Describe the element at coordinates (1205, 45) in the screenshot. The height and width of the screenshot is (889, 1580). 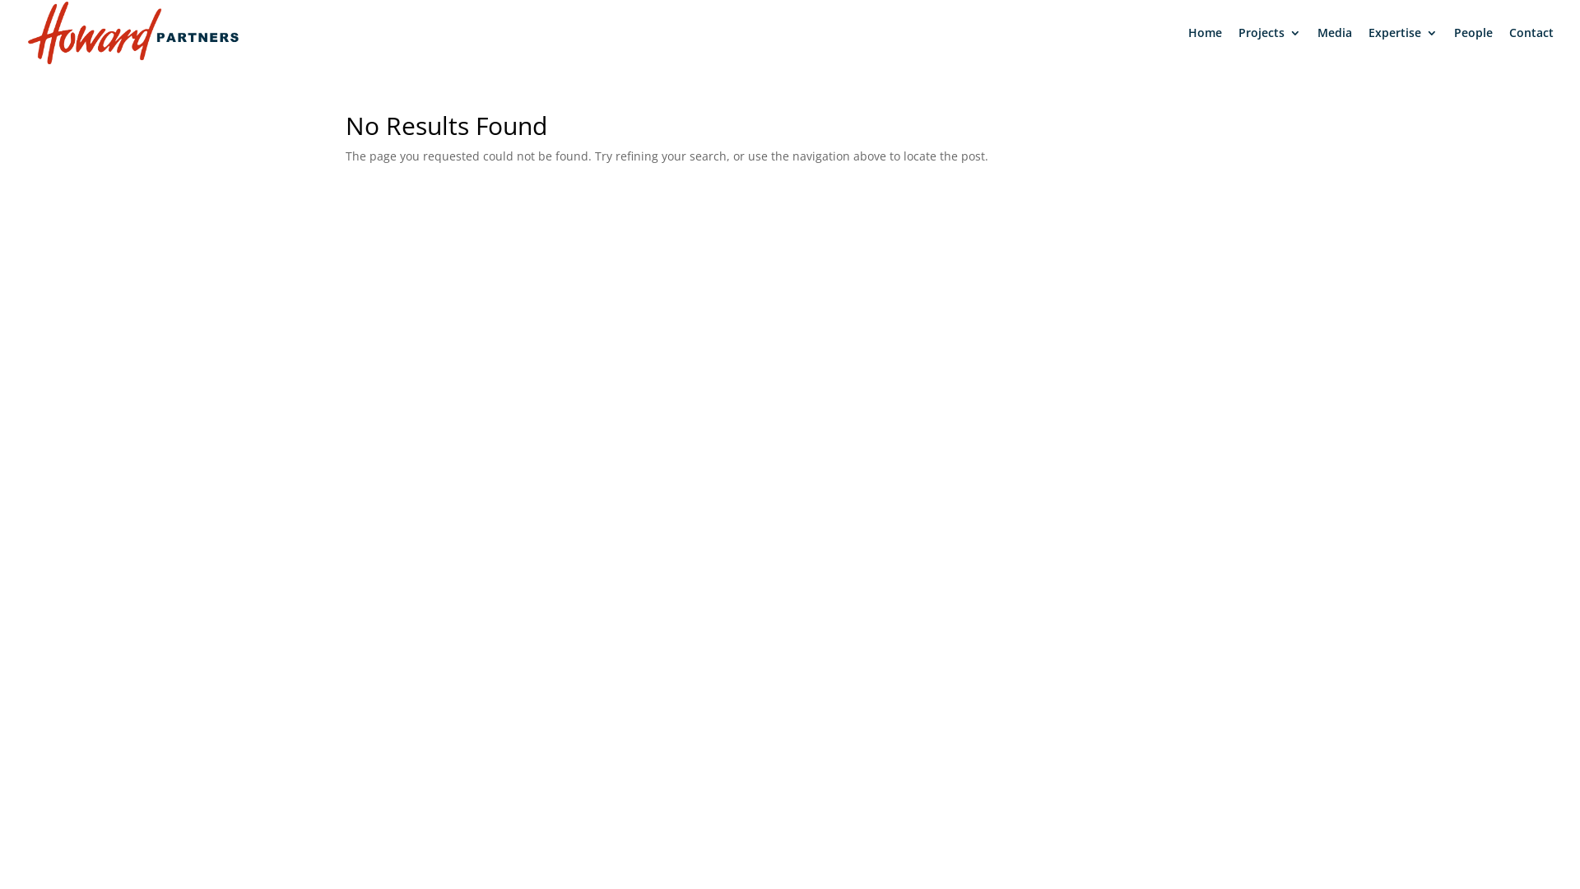
I see `'Home'` at that location.